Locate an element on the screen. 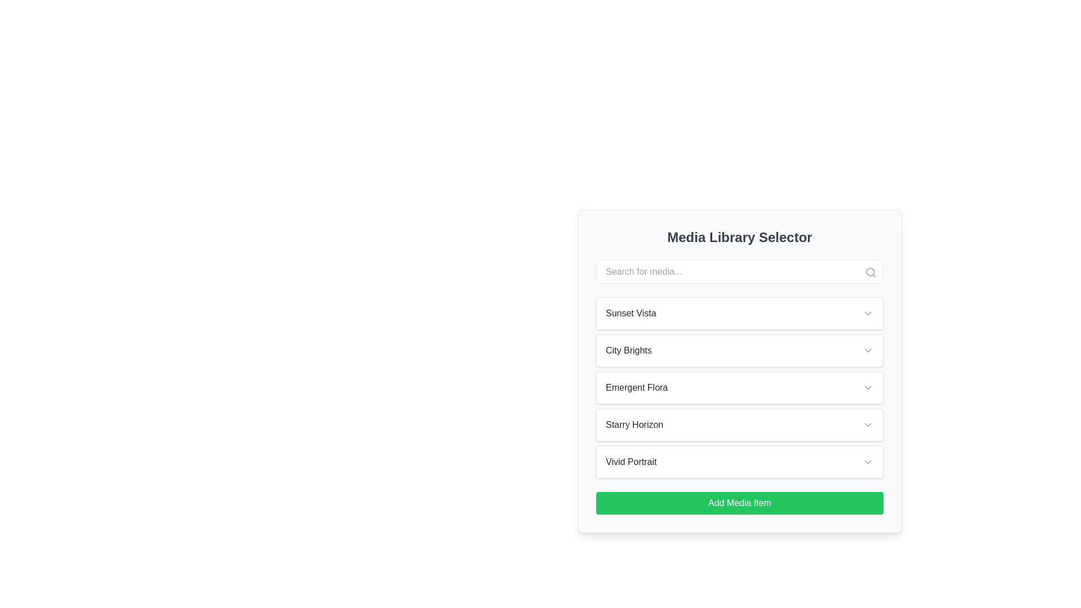  the chevron icon at the far right of the 'Emergent Flora' row is located at coordinates (867, 387).